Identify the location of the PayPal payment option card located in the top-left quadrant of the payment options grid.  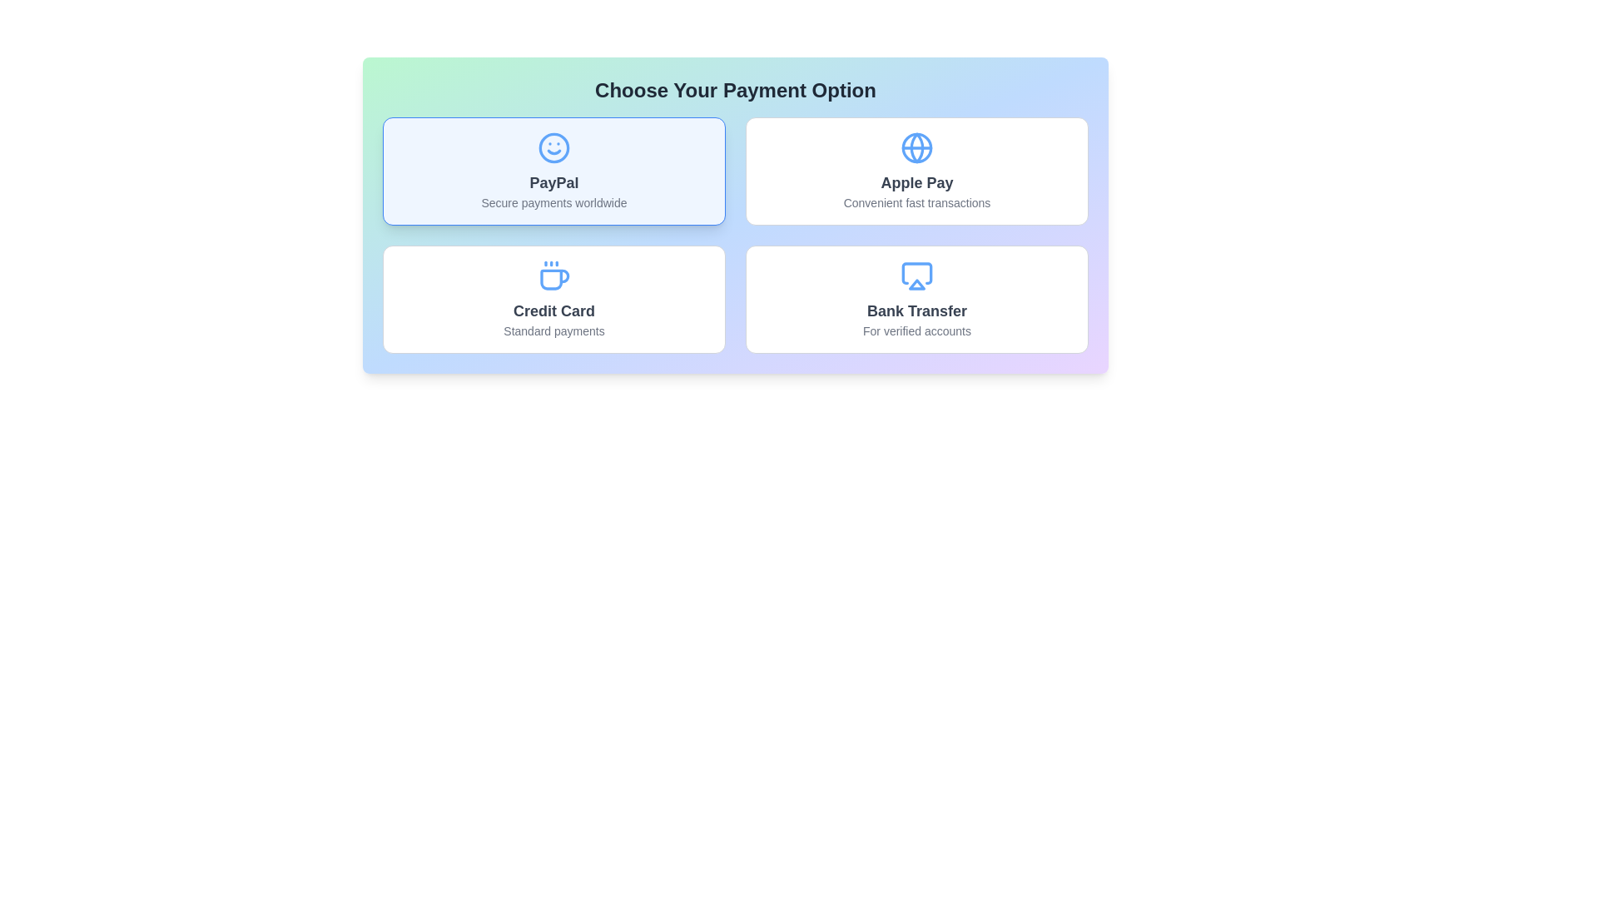
(554, 171).